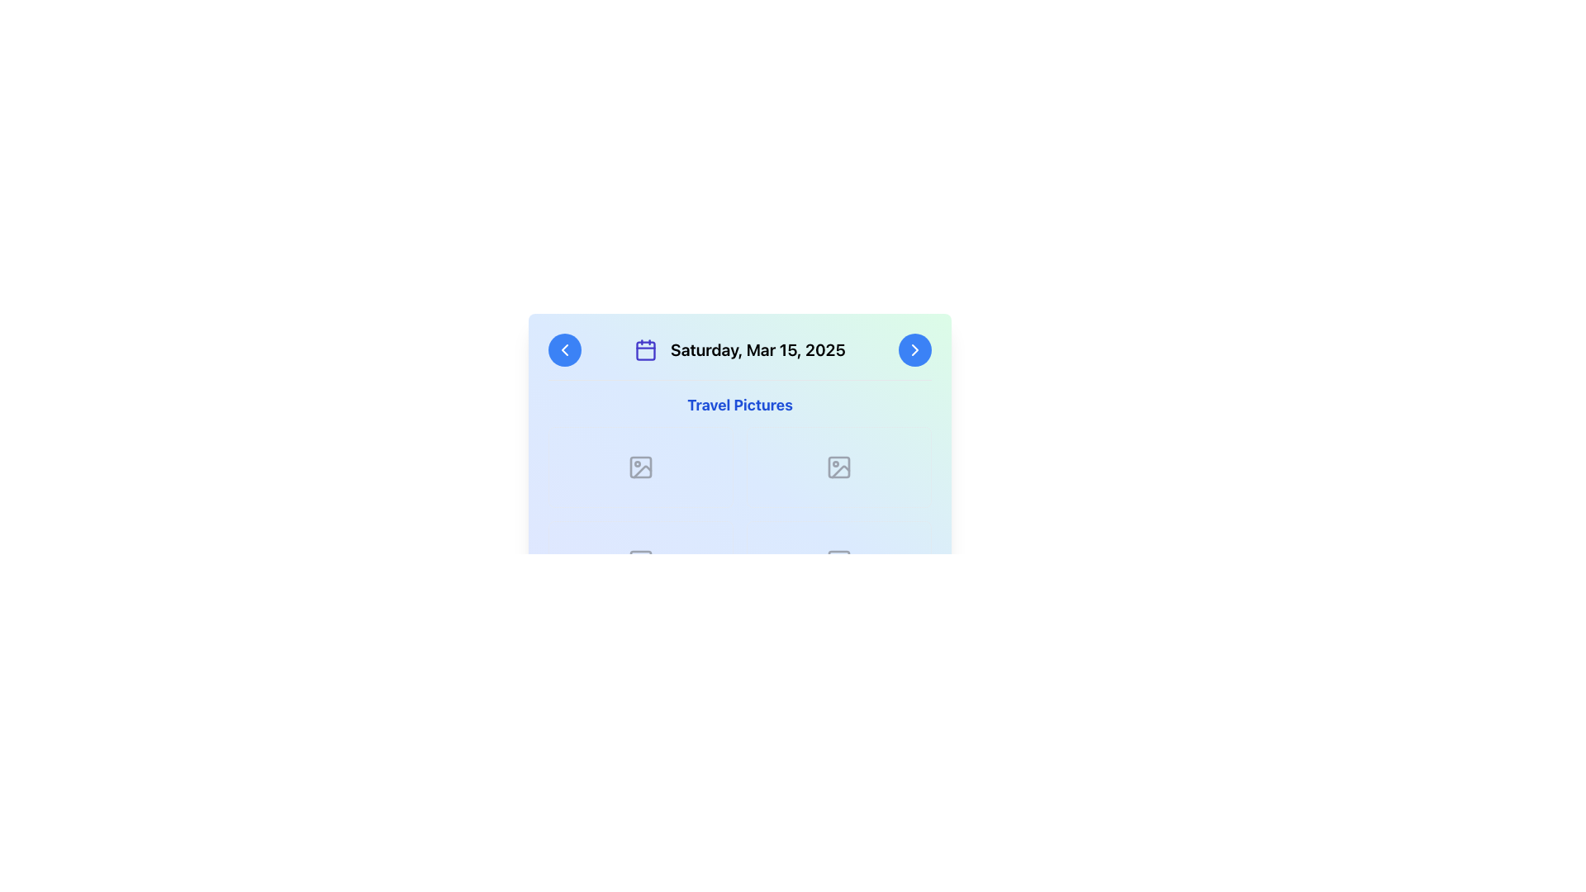 This screenshot has width=1586, height=892. Describe the element at coordinates (914, 349) in the screenshot. I see `the rightward chevron icon inside a circular button located at the right end of the top interface bar` at that location.